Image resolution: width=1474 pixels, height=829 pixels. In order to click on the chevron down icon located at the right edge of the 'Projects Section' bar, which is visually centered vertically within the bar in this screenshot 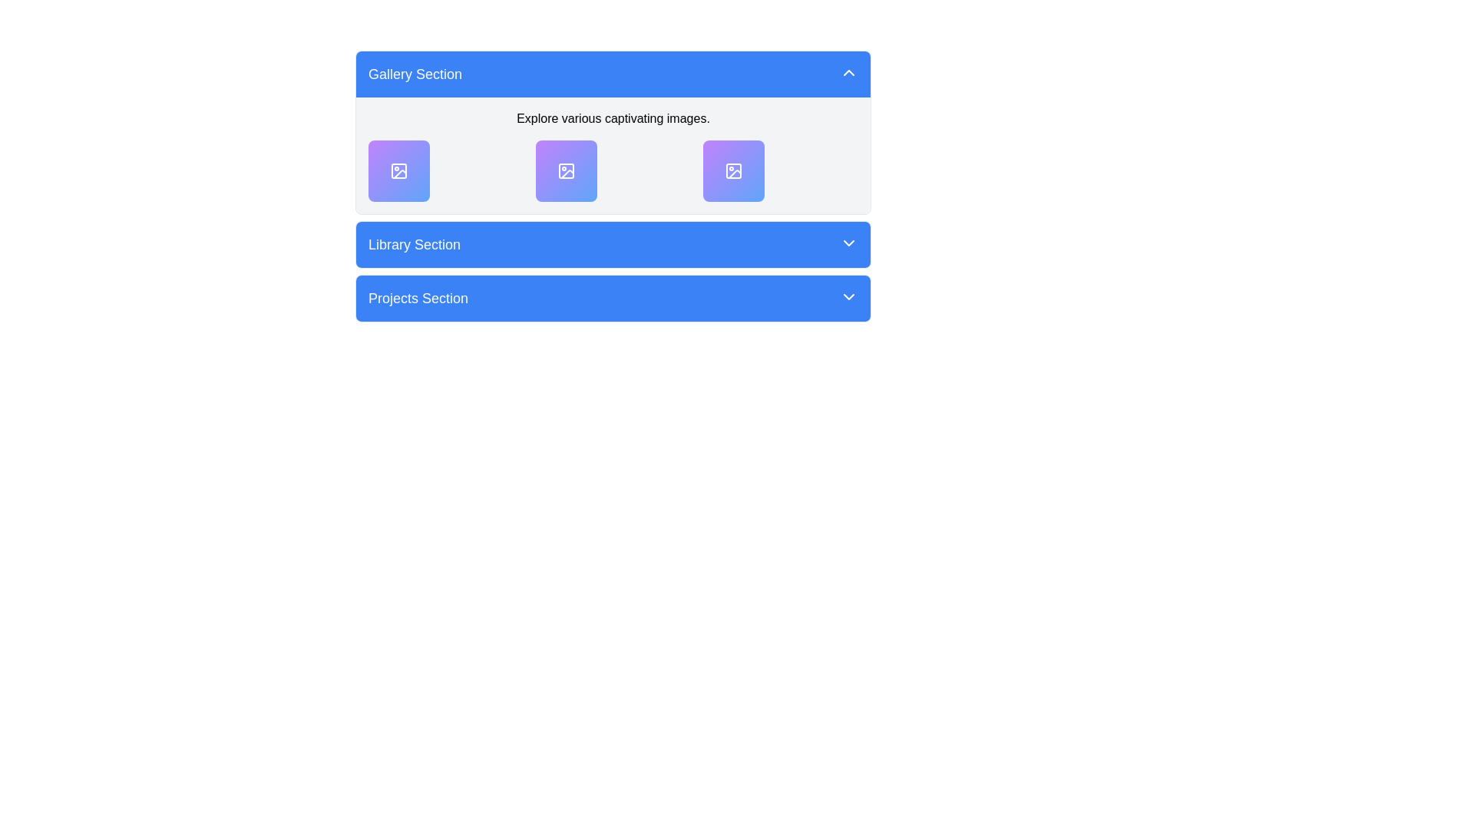, I will do `click(848, 296)`.